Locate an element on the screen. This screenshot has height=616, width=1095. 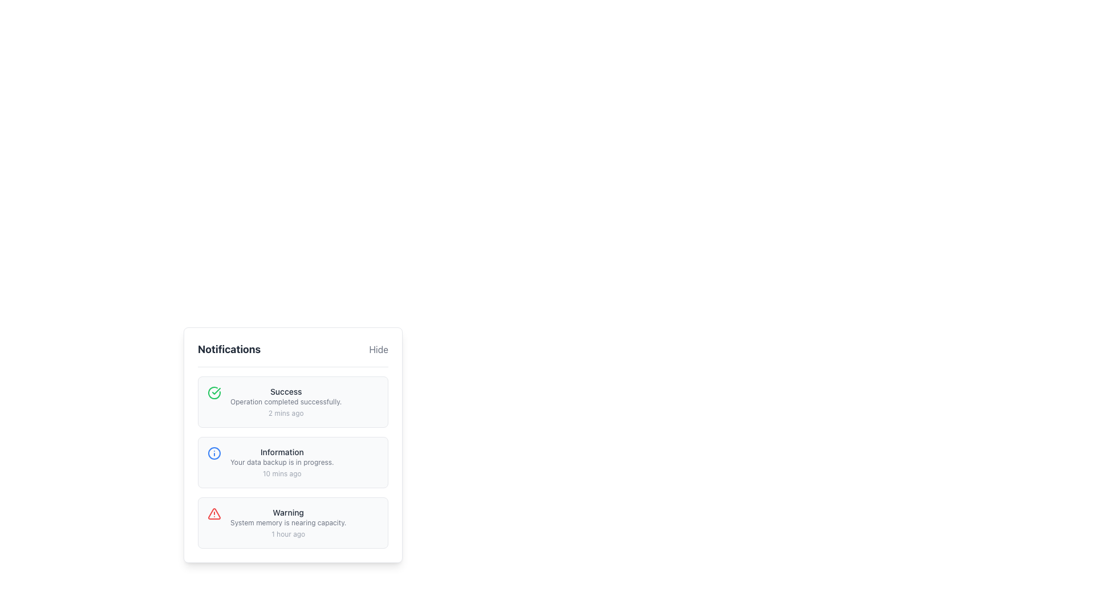
text displayed in the 'Success' notification label, which is styled in a smaller font size and medium weight, located at the top-left of the notification card is located at coordinates (286, 391).